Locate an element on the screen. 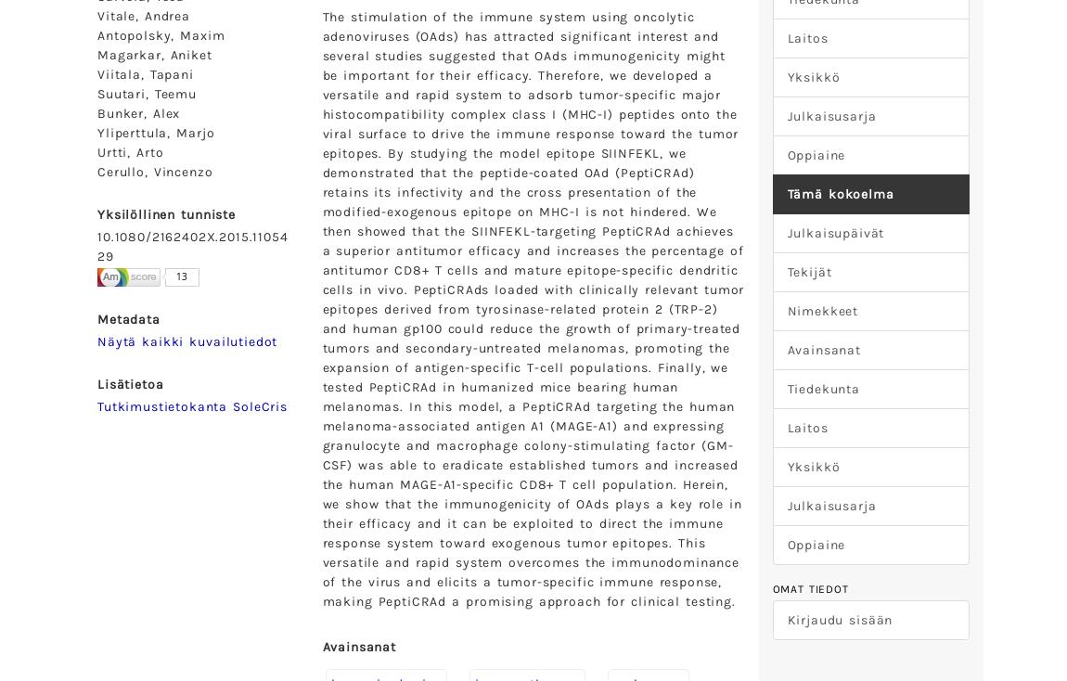  'Näytä kaikki kuvailutiedot' is located at coordinates (186, 340).